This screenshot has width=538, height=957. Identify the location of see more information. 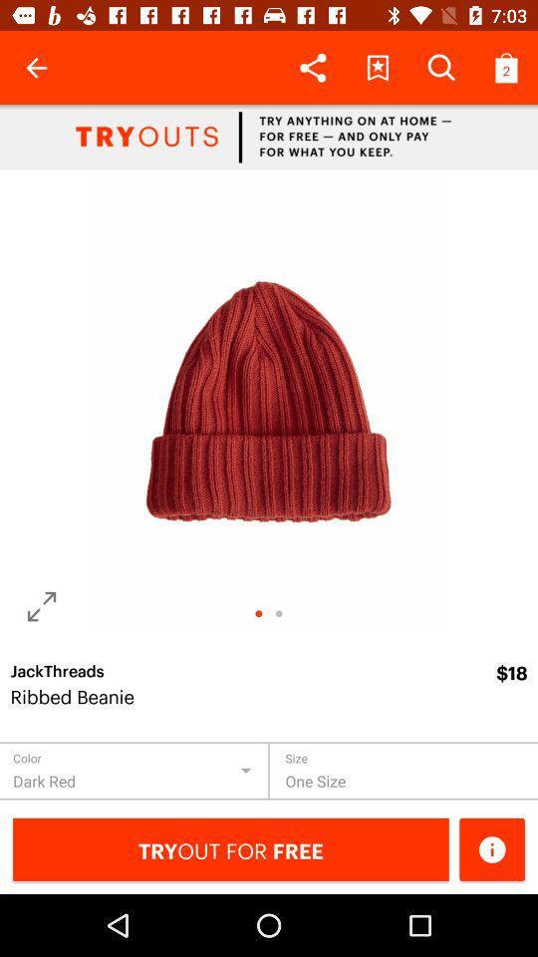
(491, 848).